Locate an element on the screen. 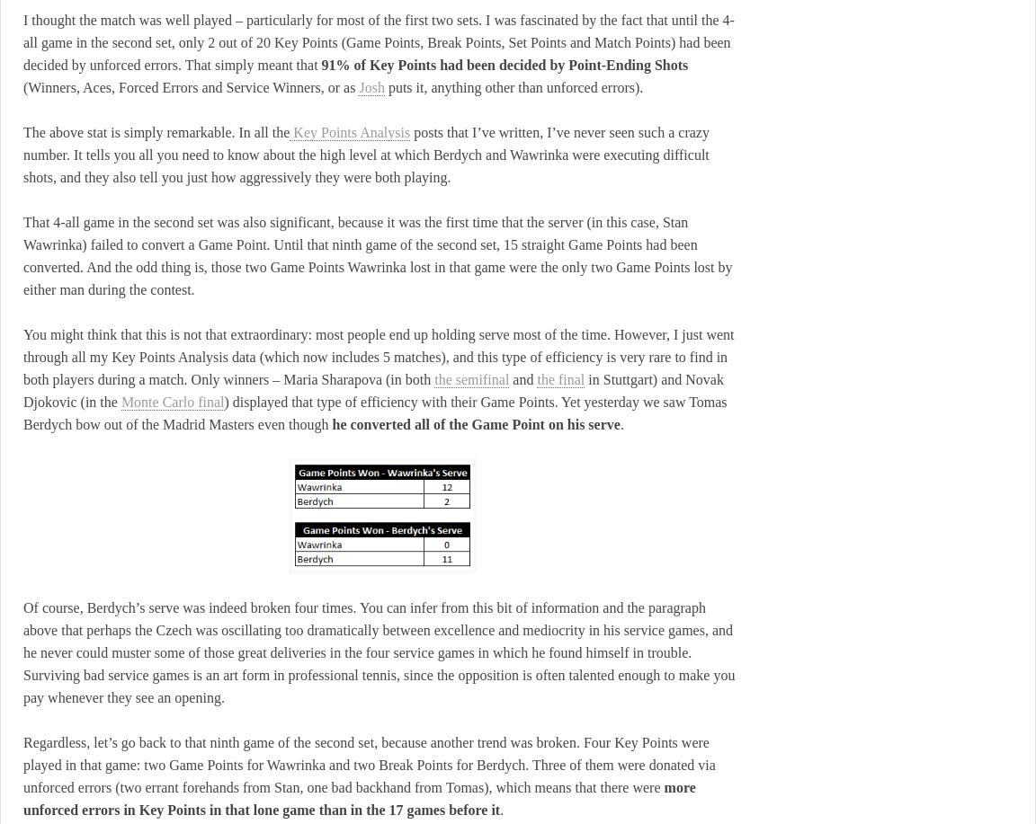 The width and height of the screenshot is (1036, 824). '(Winners, Aces, Forced Errors and Service Winners, or as' is located at coordinates (191, 86).